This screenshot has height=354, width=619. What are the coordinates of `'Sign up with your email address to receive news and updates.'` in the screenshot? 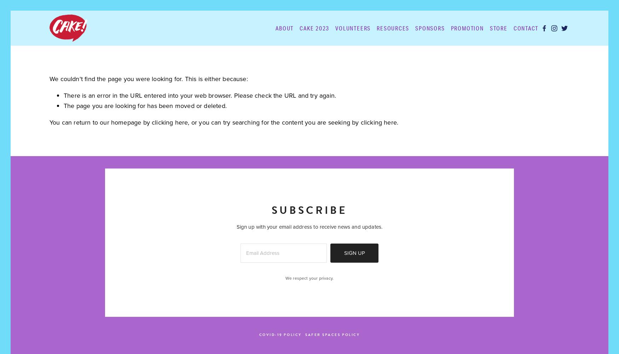 It's located at (309, 227).